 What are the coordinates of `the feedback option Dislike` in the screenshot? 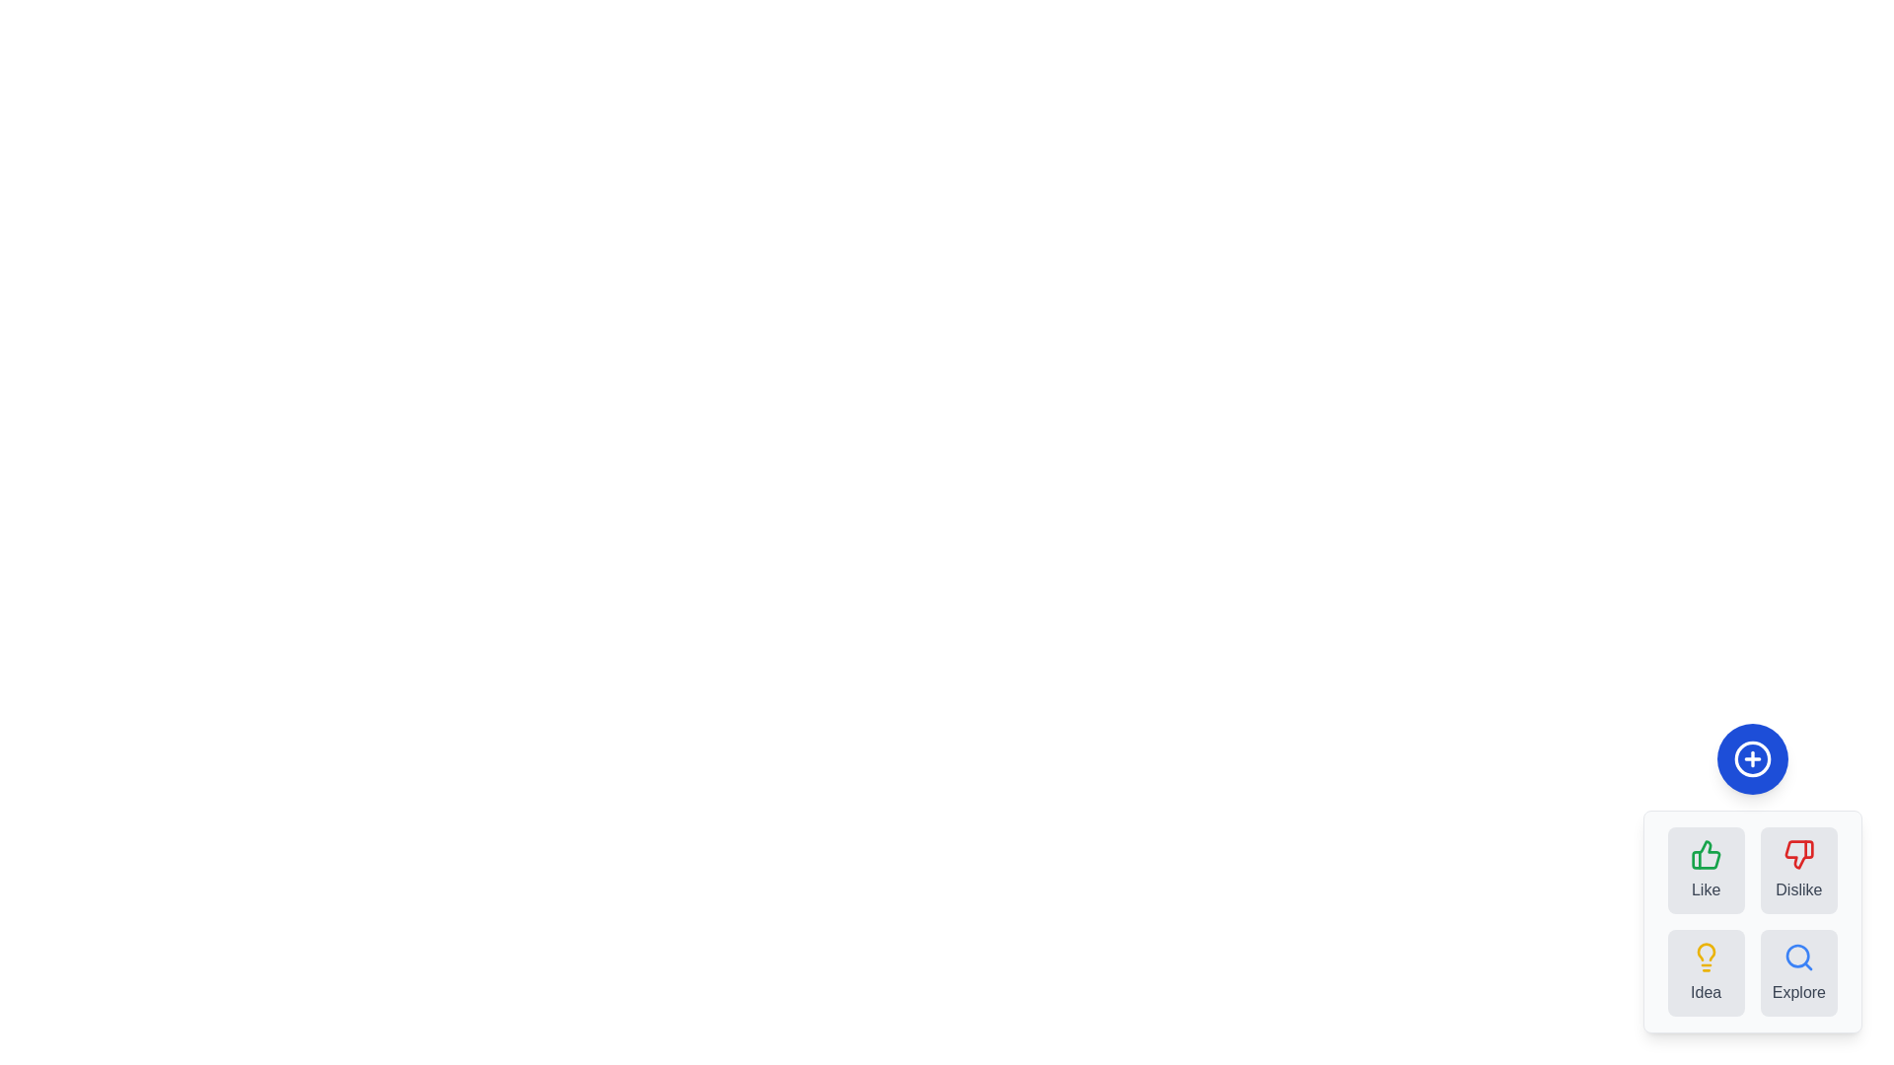 It's located at (1798, 870).